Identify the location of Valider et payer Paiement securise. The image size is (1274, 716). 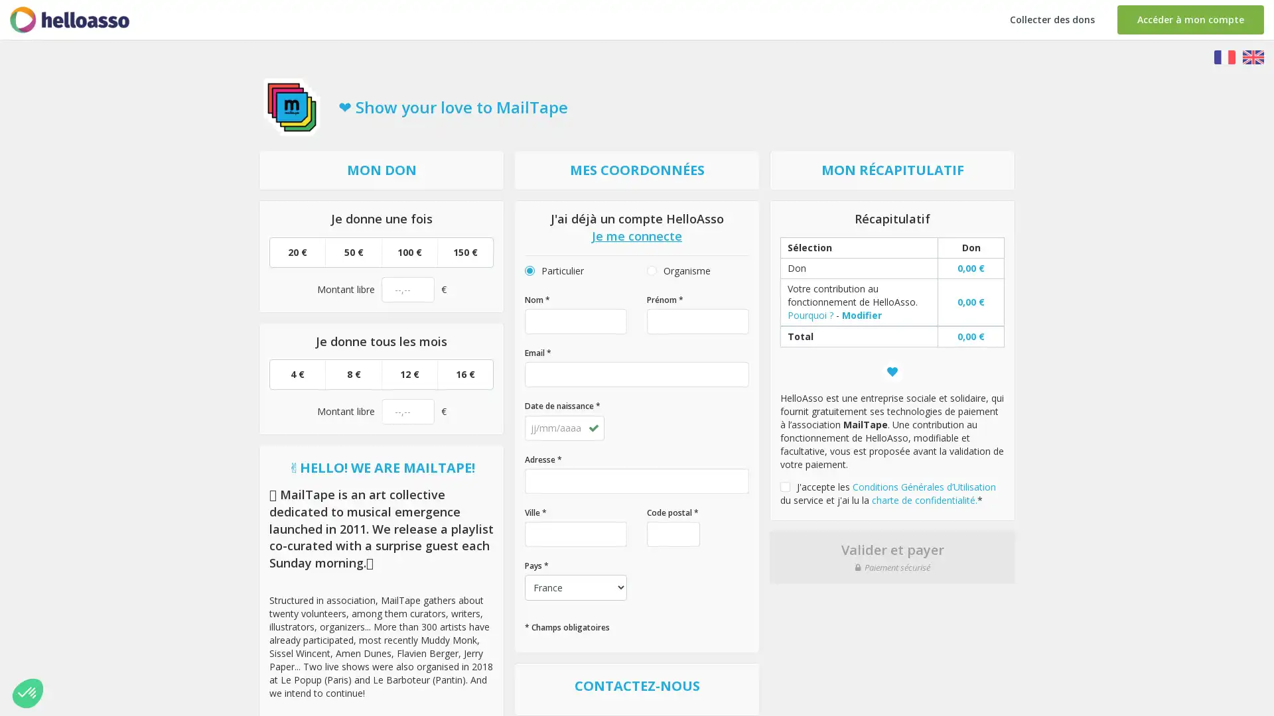
(892, 557).